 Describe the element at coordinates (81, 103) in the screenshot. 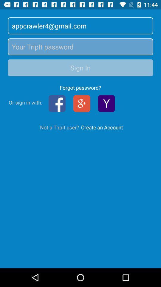

I see `the group icon` at that location.